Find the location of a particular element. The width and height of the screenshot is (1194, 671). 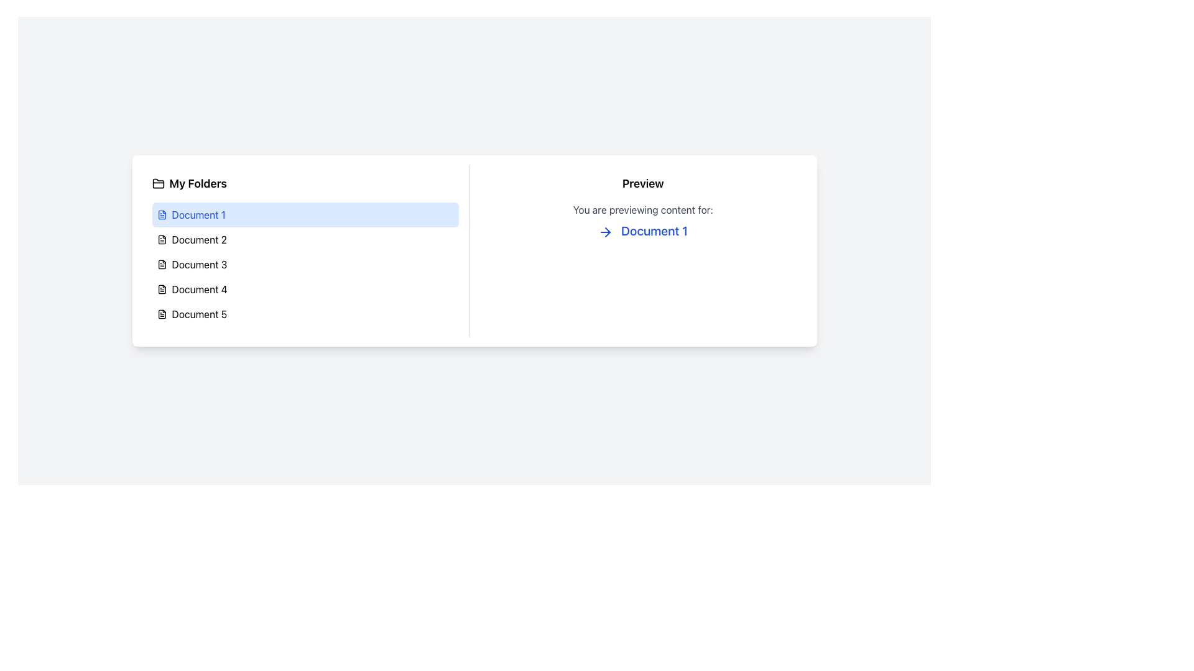

the Decorative Icon that indicates the associated list item represents a document or file, located before the 'Document 1' text label in the 'My Folders' list is located at coordinates (161, 214).